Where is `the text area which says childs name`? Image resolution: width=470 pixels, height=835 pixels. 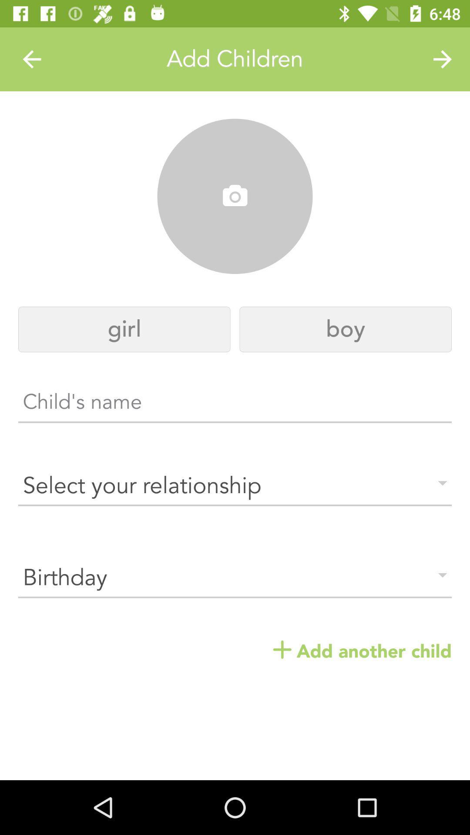
the text area which says childs name is located at coordinates (235, 404).